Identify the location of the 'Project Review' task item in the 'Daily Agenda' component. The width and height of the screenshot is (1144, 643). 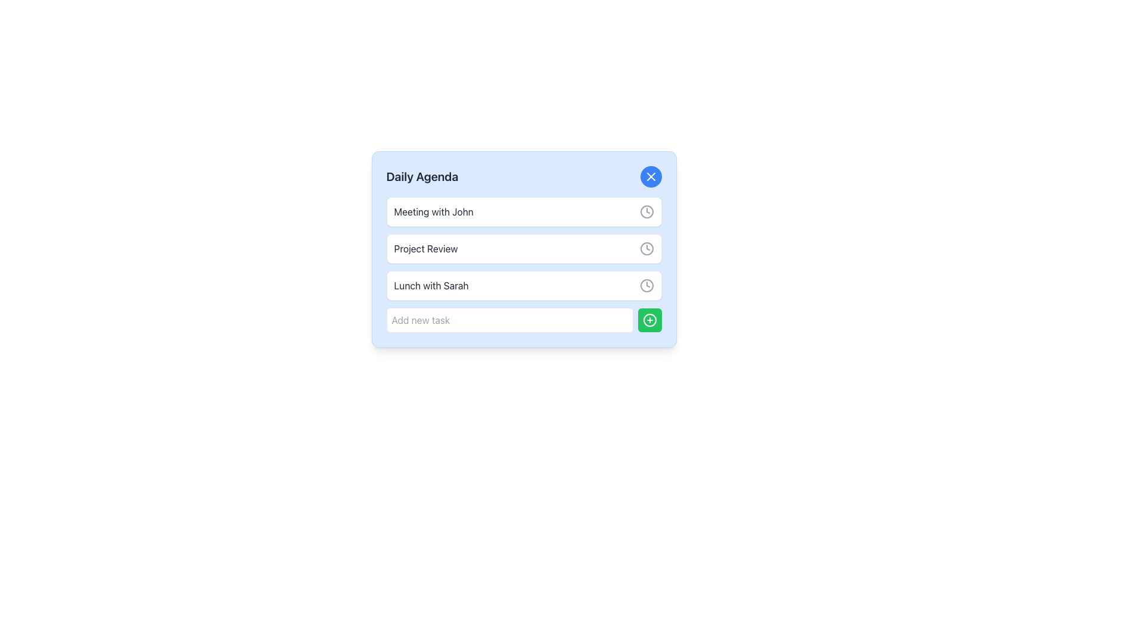
(524, 249).